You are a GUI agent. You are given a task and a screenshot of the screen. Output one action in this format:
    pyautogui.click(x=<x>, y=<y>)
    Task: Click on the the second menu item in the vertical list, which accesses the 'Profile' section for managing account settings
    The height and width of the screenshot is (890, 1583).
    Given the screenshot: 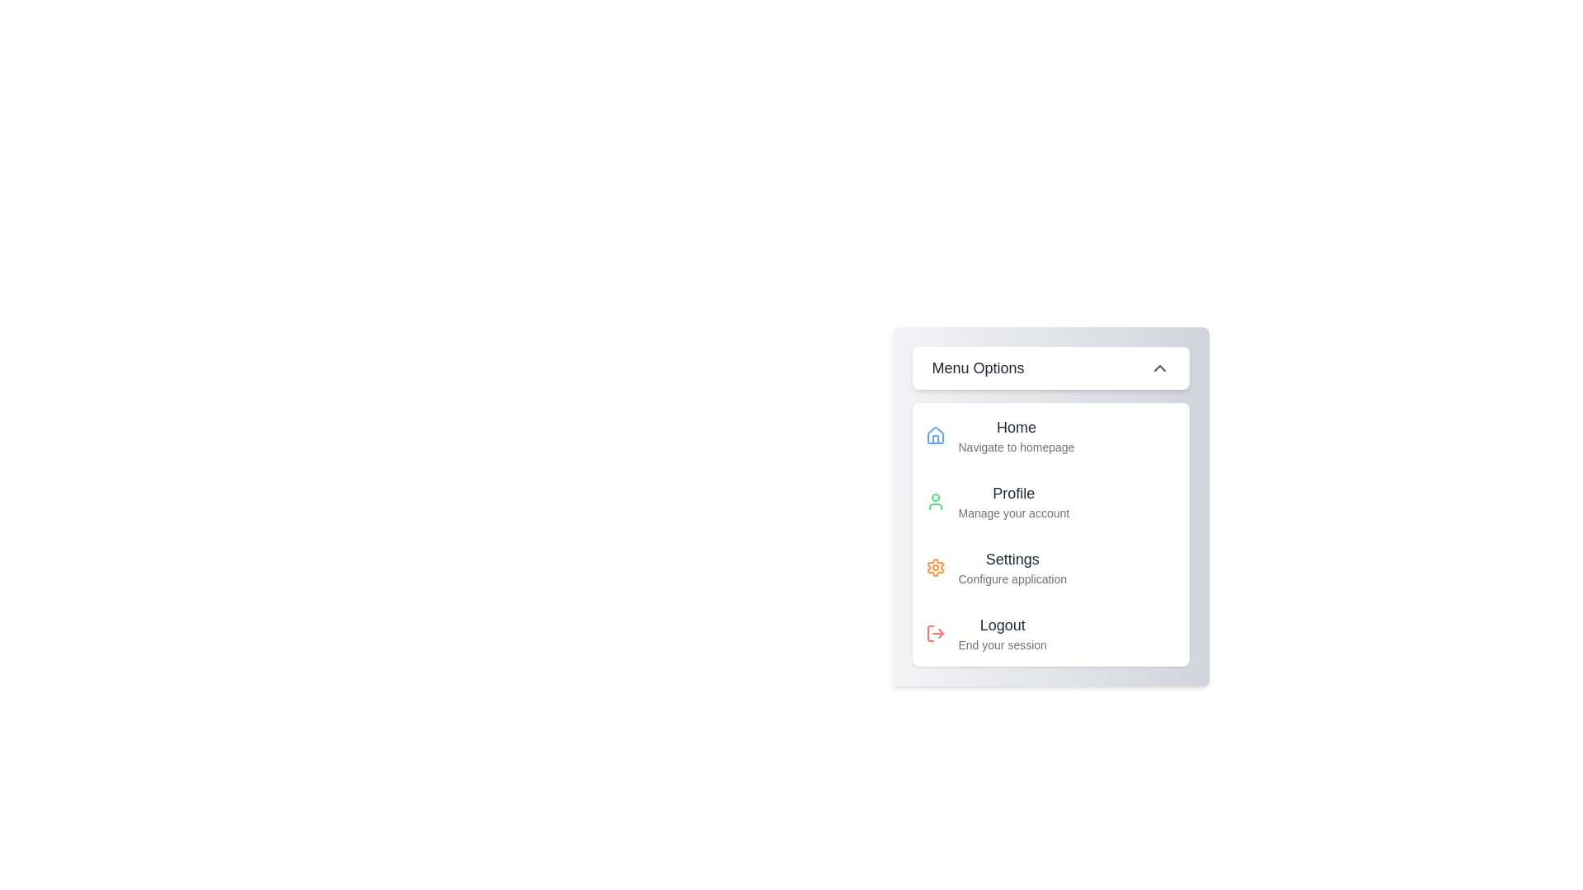 What is the action you would take?
    pyautogui.click(x=1050, y=501)
    